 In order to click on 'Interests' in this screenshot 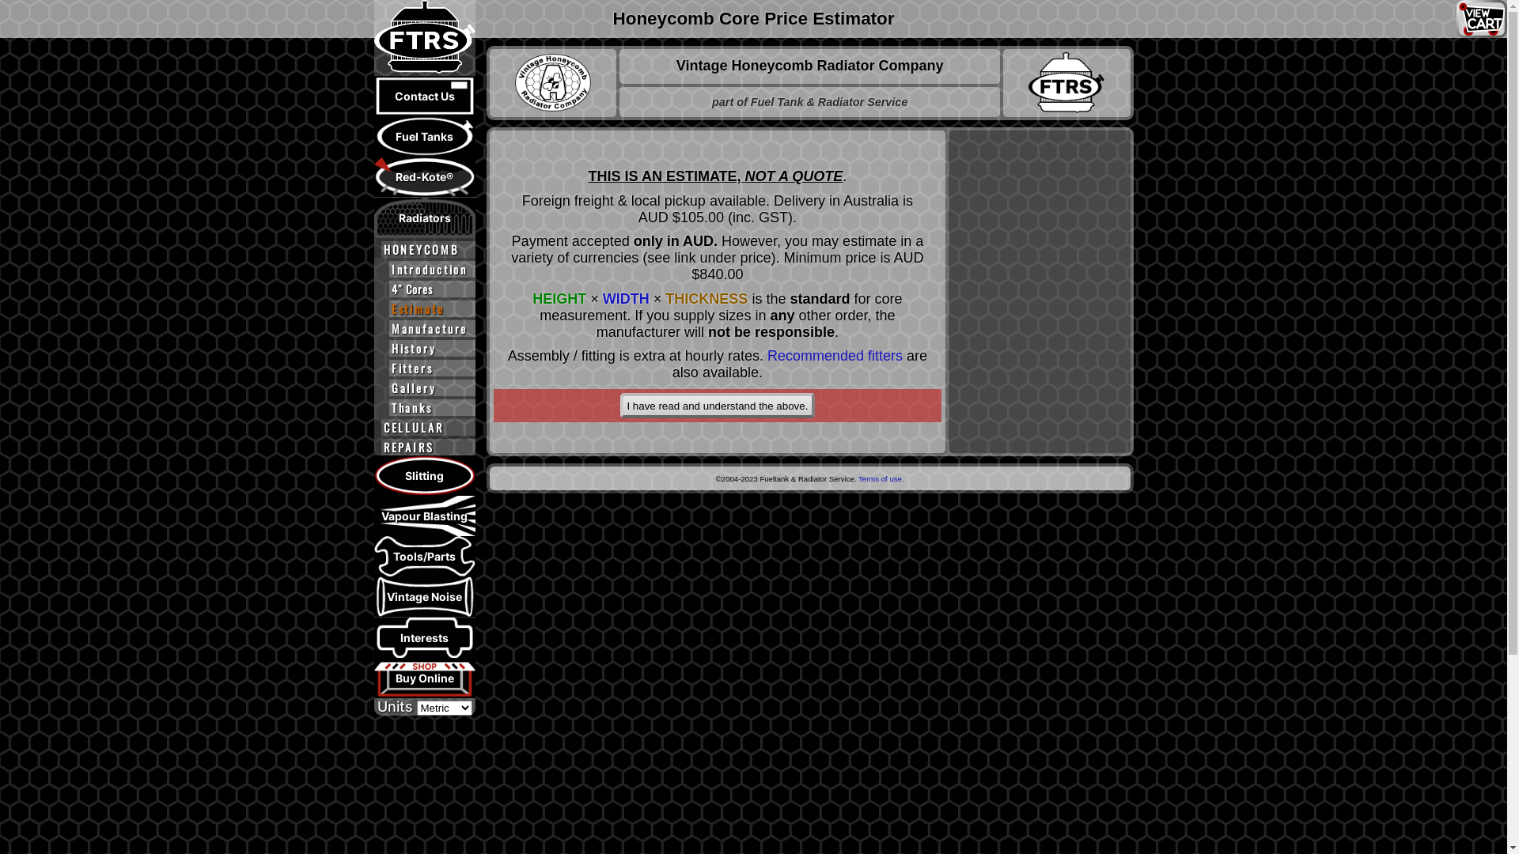, I will do `click(424, 636)`.